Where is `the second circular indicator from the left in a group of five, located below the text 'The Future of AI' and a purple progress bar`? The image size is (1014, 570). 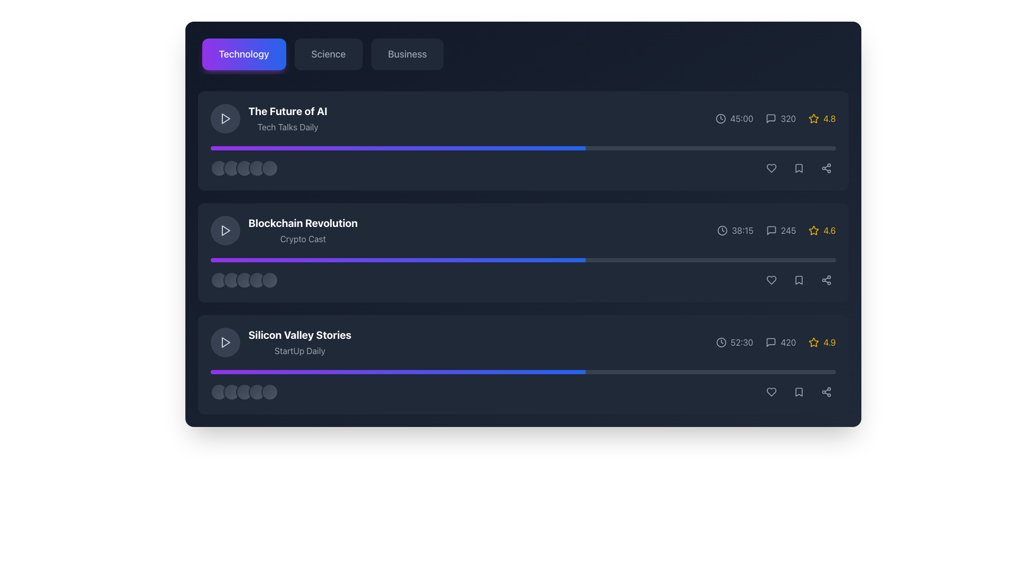 the second circular indicator from the left in a group of five, located below the text 'The Future of AI' and a purple progress bar is located at coordinates (231, 168).